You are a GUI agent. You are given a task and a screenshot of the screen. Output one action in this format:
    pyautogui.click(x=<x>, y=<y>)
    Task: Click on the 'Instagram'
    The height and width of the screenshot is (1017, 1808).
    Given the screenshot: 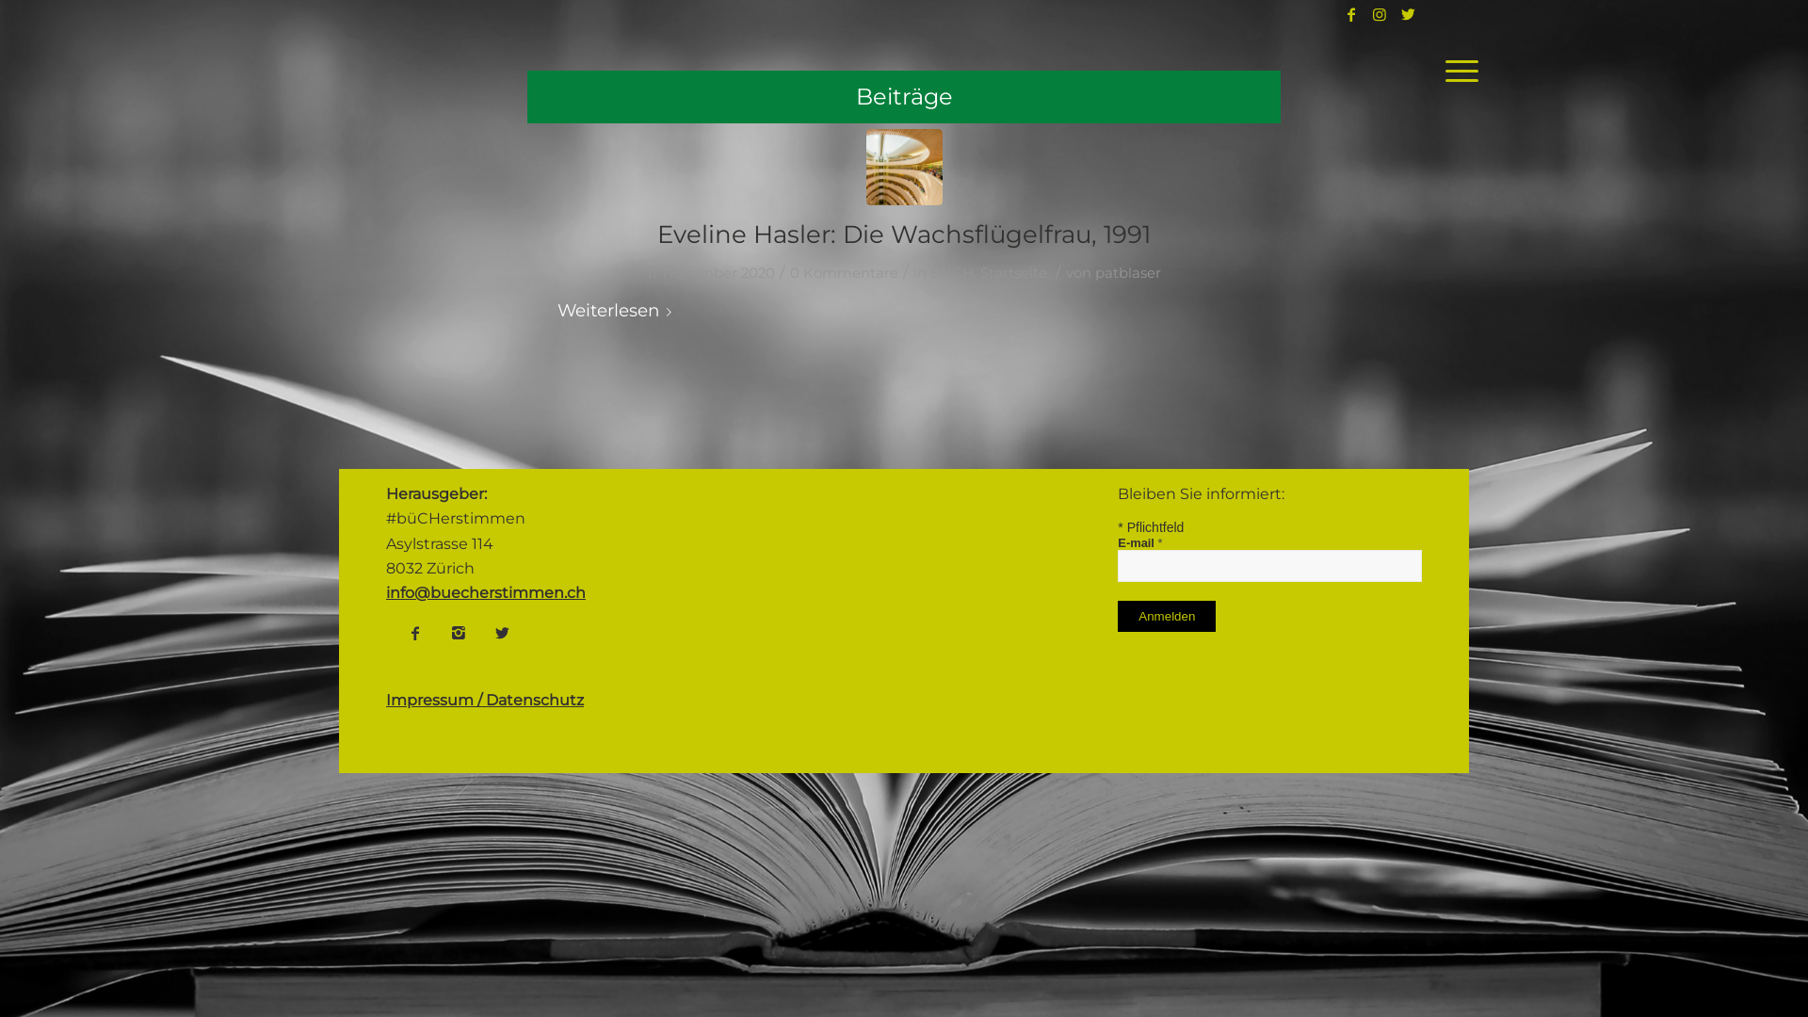 What is the action you would take?
    pyautogui.click(x=458, y=632)
    